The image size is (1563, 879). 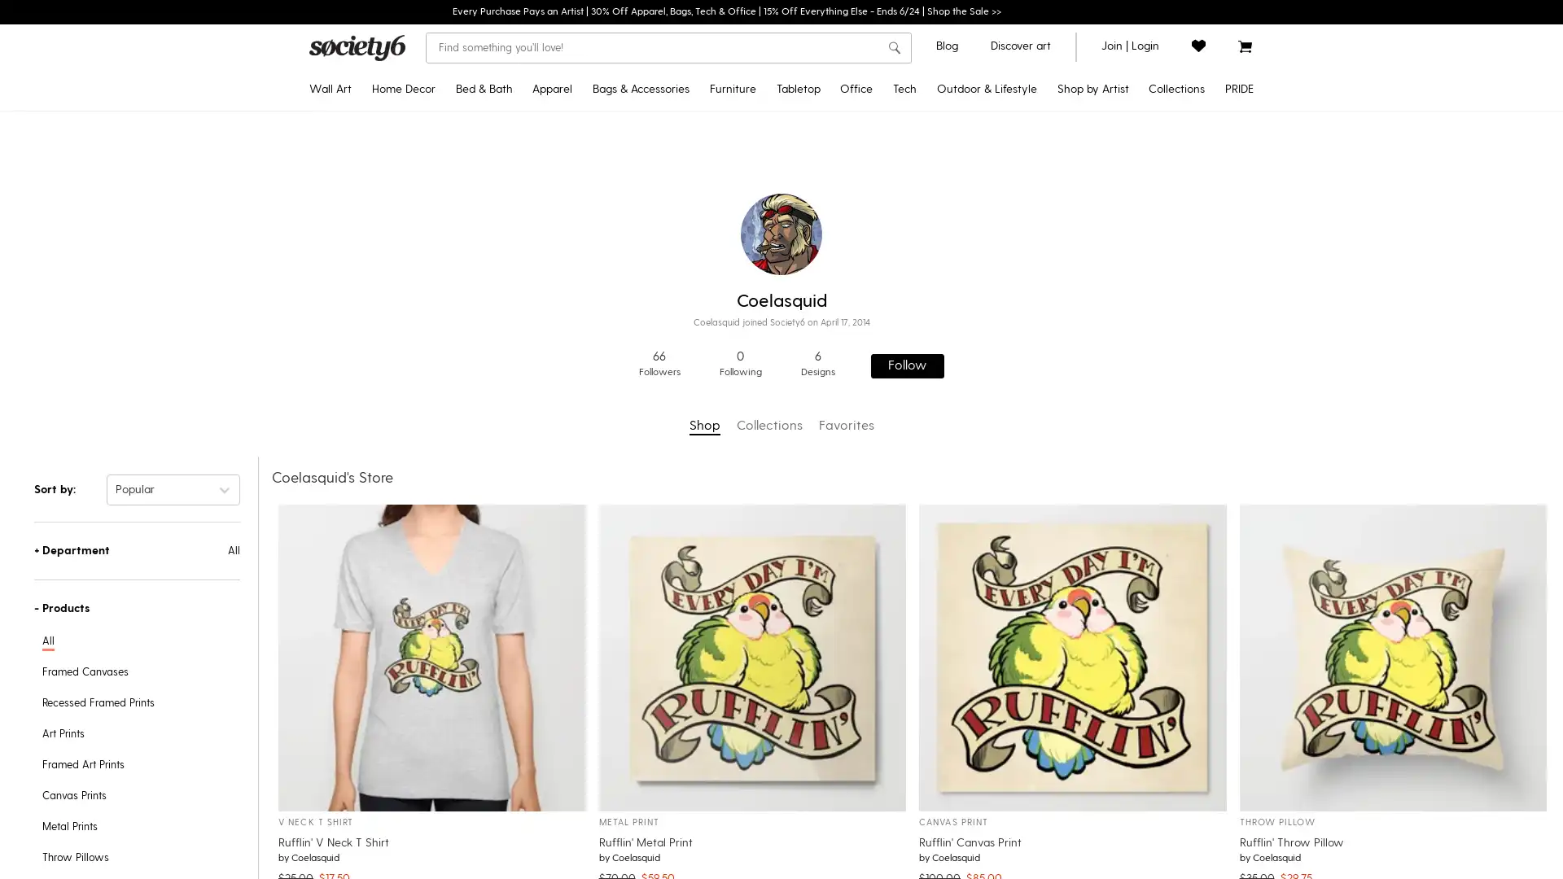 What do you see at coordinates (962, 418) in the screenshot?
I see `iPhone Skins` at bounding box center [962, 418].